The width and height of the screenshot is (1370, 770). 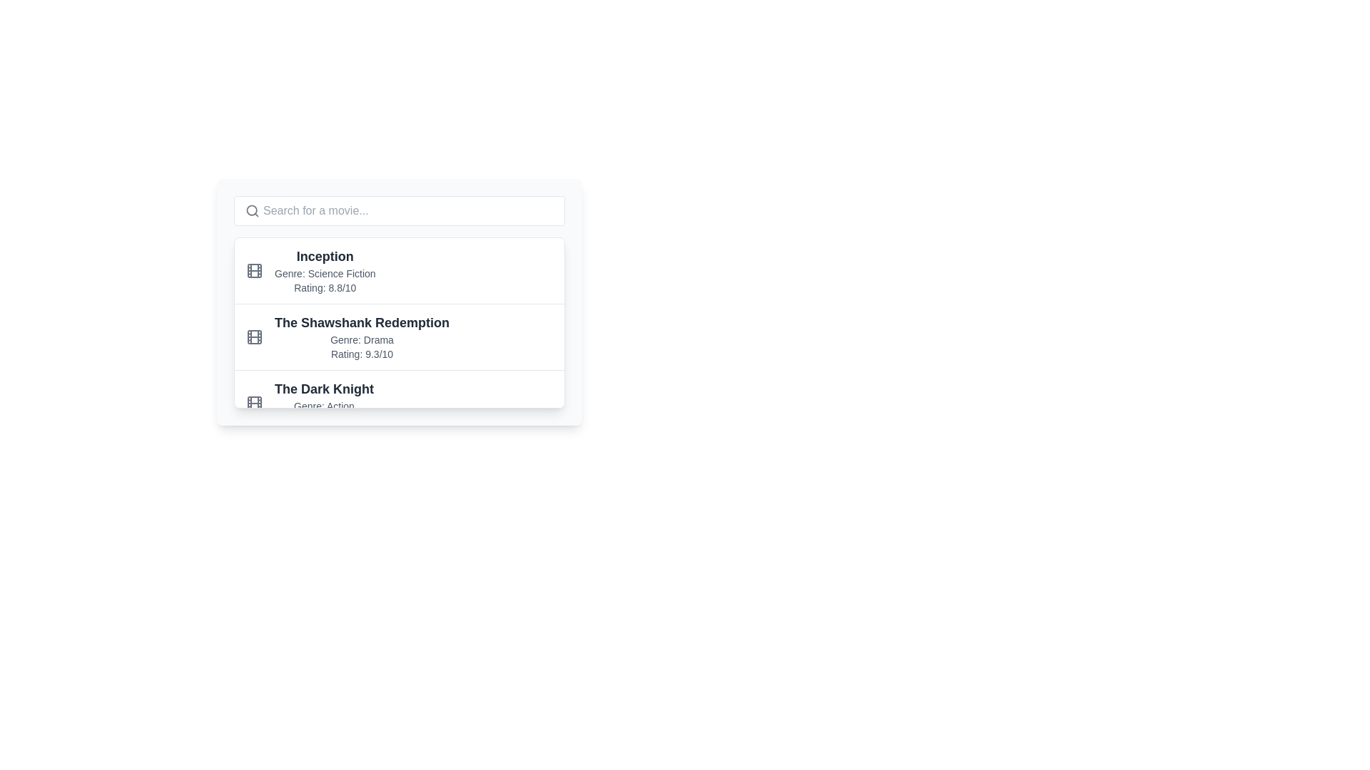 What do you see at coordinates (362, 340) in the screenshot?
I see `the text label displaying 'Genre: Drama', which is styled in a small gray font and located between the title 'The Shawshank Redemption' and the rating information` at bounding box center [362, 340].